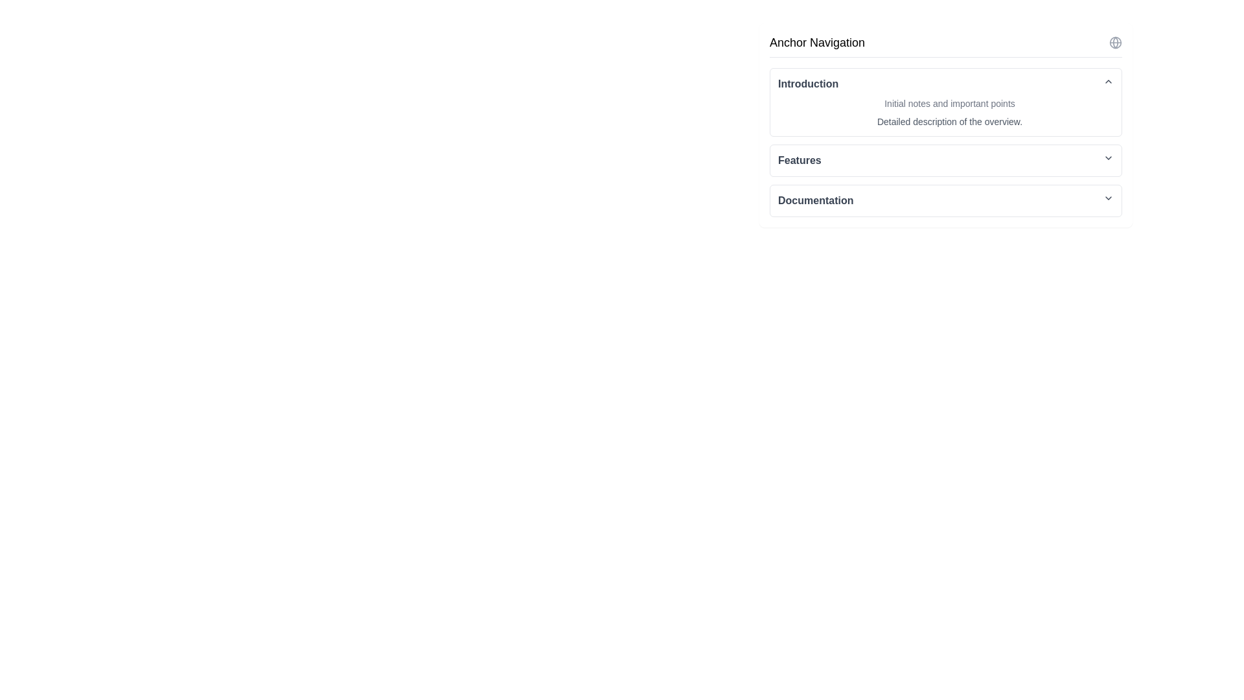  What do you see at coordinates (949, 102) in the screenshot?
I see `the static text element that serves as an introductory title in the 'Introduction' section, located at the top of the section` at bounding box center [949, 102].